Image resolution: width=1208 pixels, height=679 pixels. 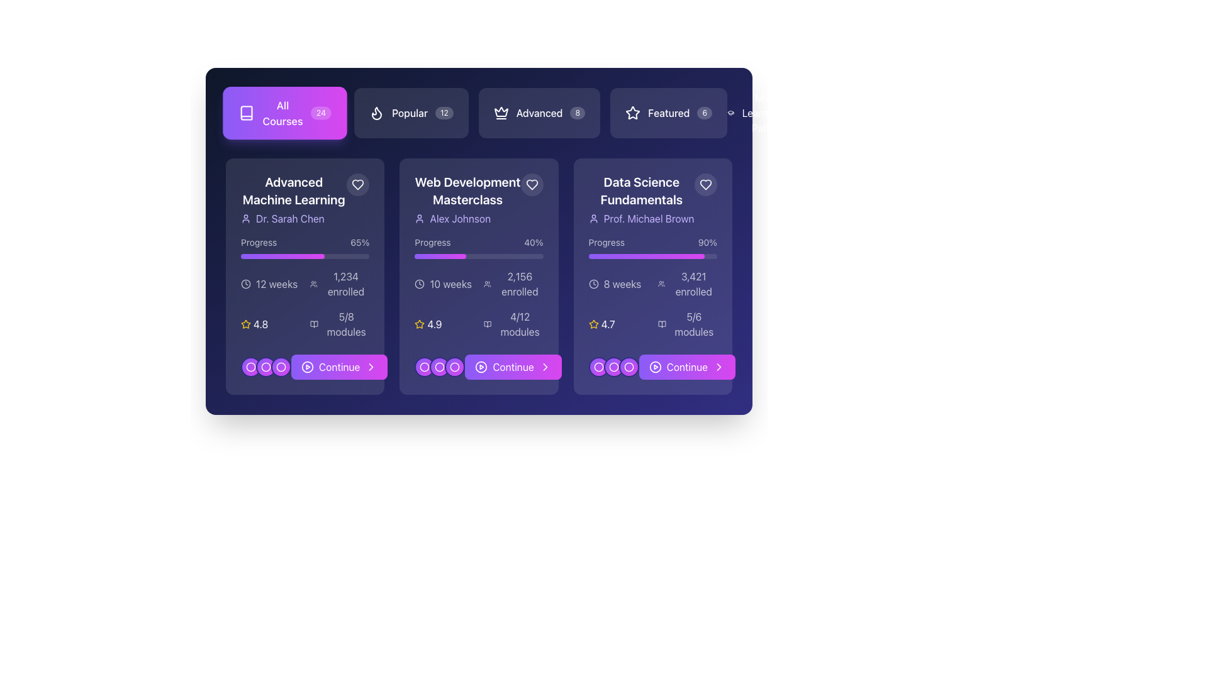 What do you see at coordinates (706, 184) in the screenshot?
I see `the icon button in the top-right corner of the 'Data Science Fundamentals' course card` at bounding box center [706, 184].